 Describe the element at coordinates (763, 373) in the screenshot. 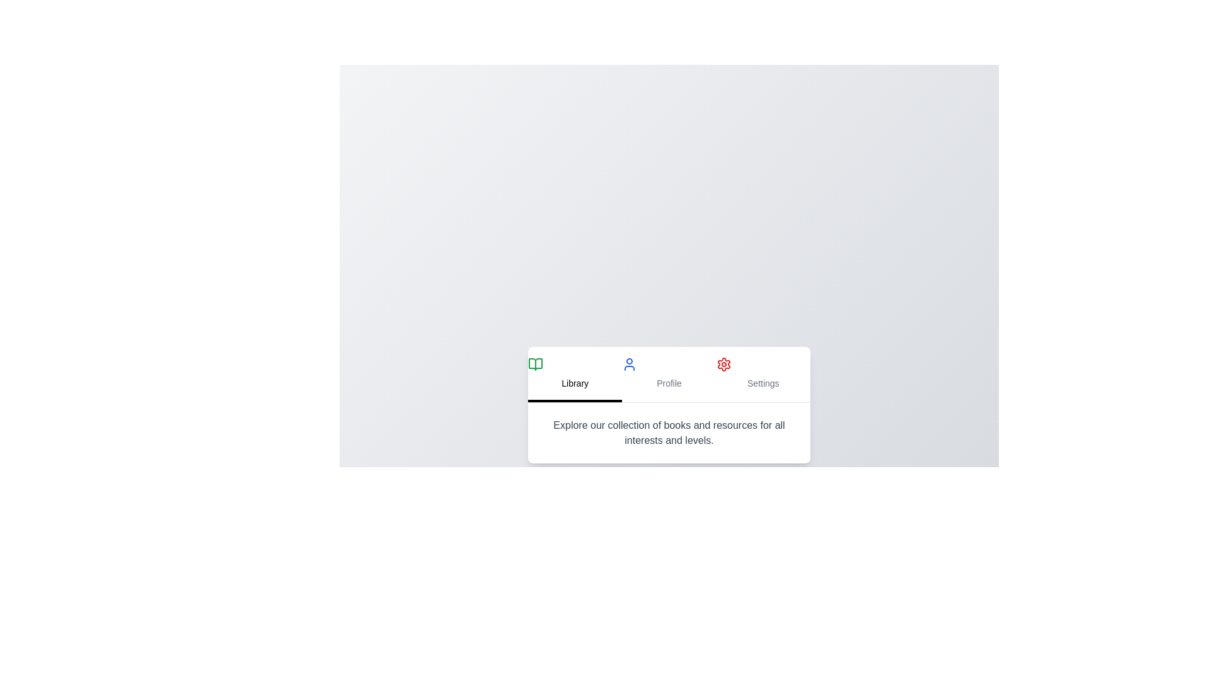

I see `the Settings tab by clicking on its respective button` at that location.